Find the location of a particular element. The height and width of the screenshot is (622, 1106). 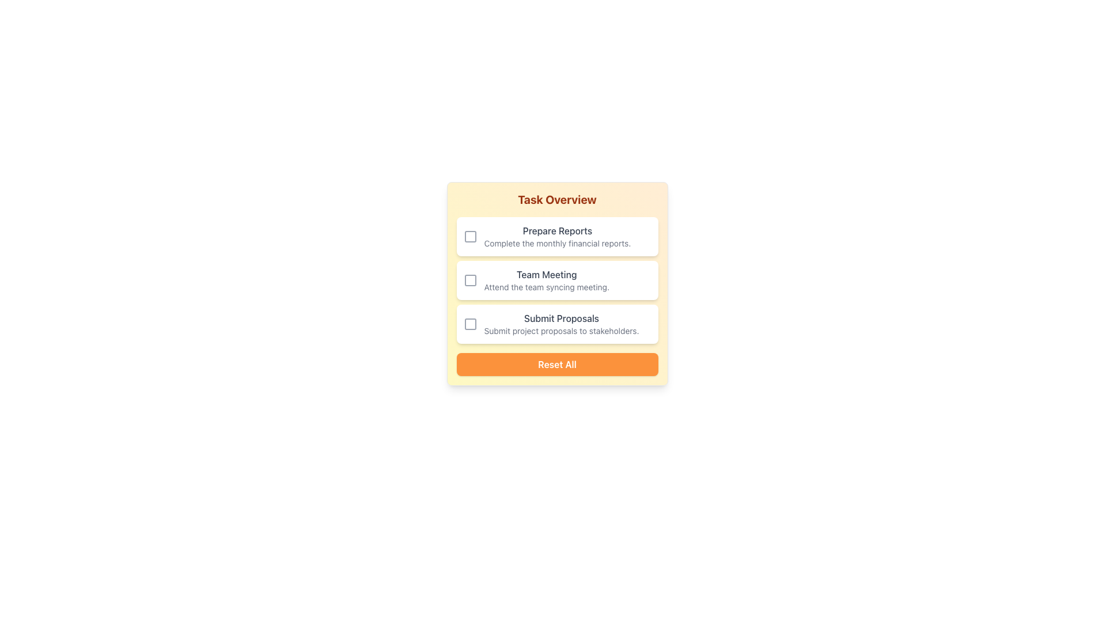

the small square checkbox located to the left of the label 'Submit Proposals' is located at coordinates (470, 324).